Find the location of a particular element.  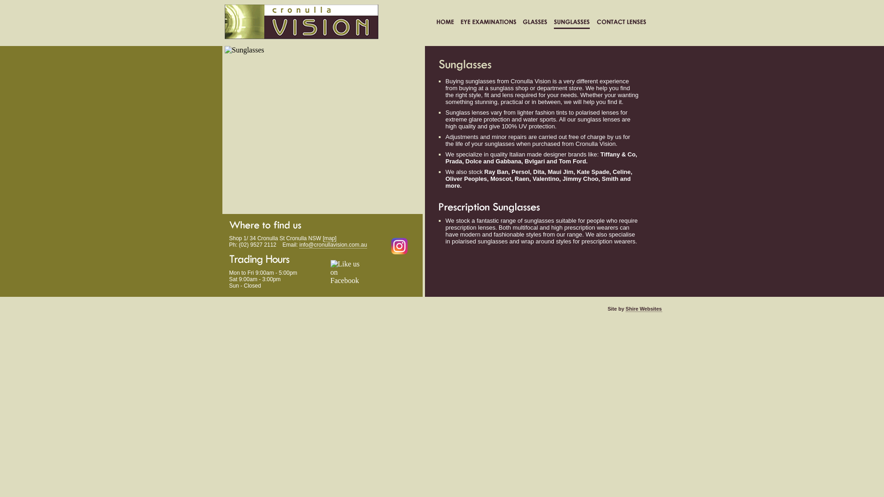

'Shire Websites' is located at coordinates (643, 309).